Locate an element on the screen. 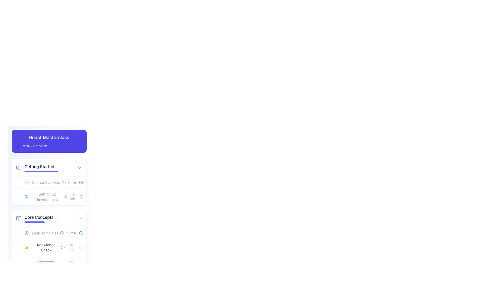 The width and height of the screenshot is (501, 282). the 'Getting Started' section header under the 'React Masterclass' category is located at coordinates (37, 168).